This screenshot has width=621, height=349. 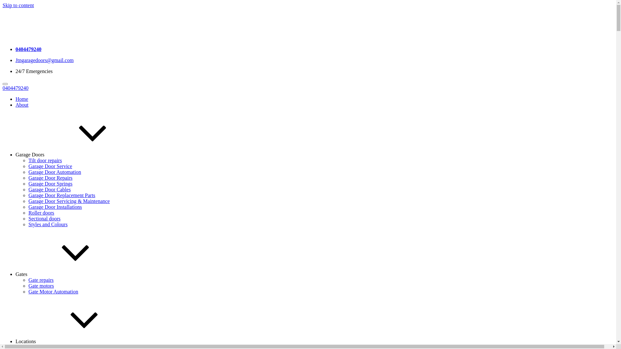 What do you see at coordinates (44, 218) in the screenshot?
I see `'Sectional doors'` at bounding box center [44, 218].